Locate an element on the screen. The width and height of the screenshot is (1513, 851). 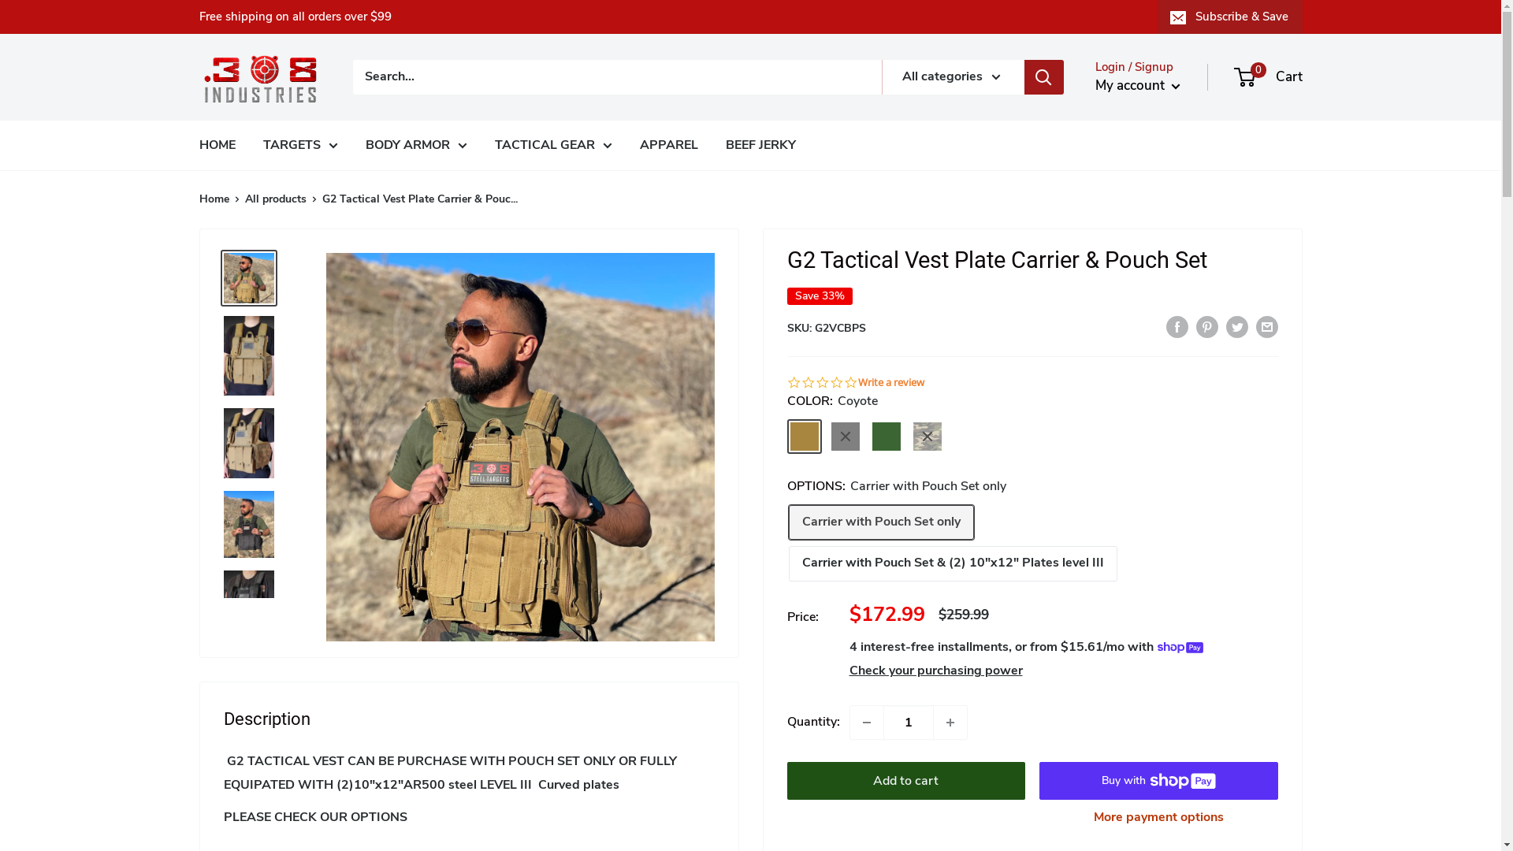
'Decrease quantity by 1' is located at coordinates (865, 723).